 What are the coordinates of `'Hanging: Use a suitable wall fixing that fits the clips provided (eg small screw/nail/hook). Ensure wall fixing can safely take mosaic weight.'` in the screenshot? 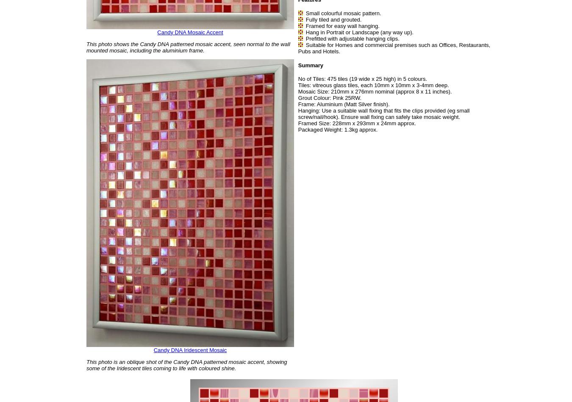 It's located at (297, 113).